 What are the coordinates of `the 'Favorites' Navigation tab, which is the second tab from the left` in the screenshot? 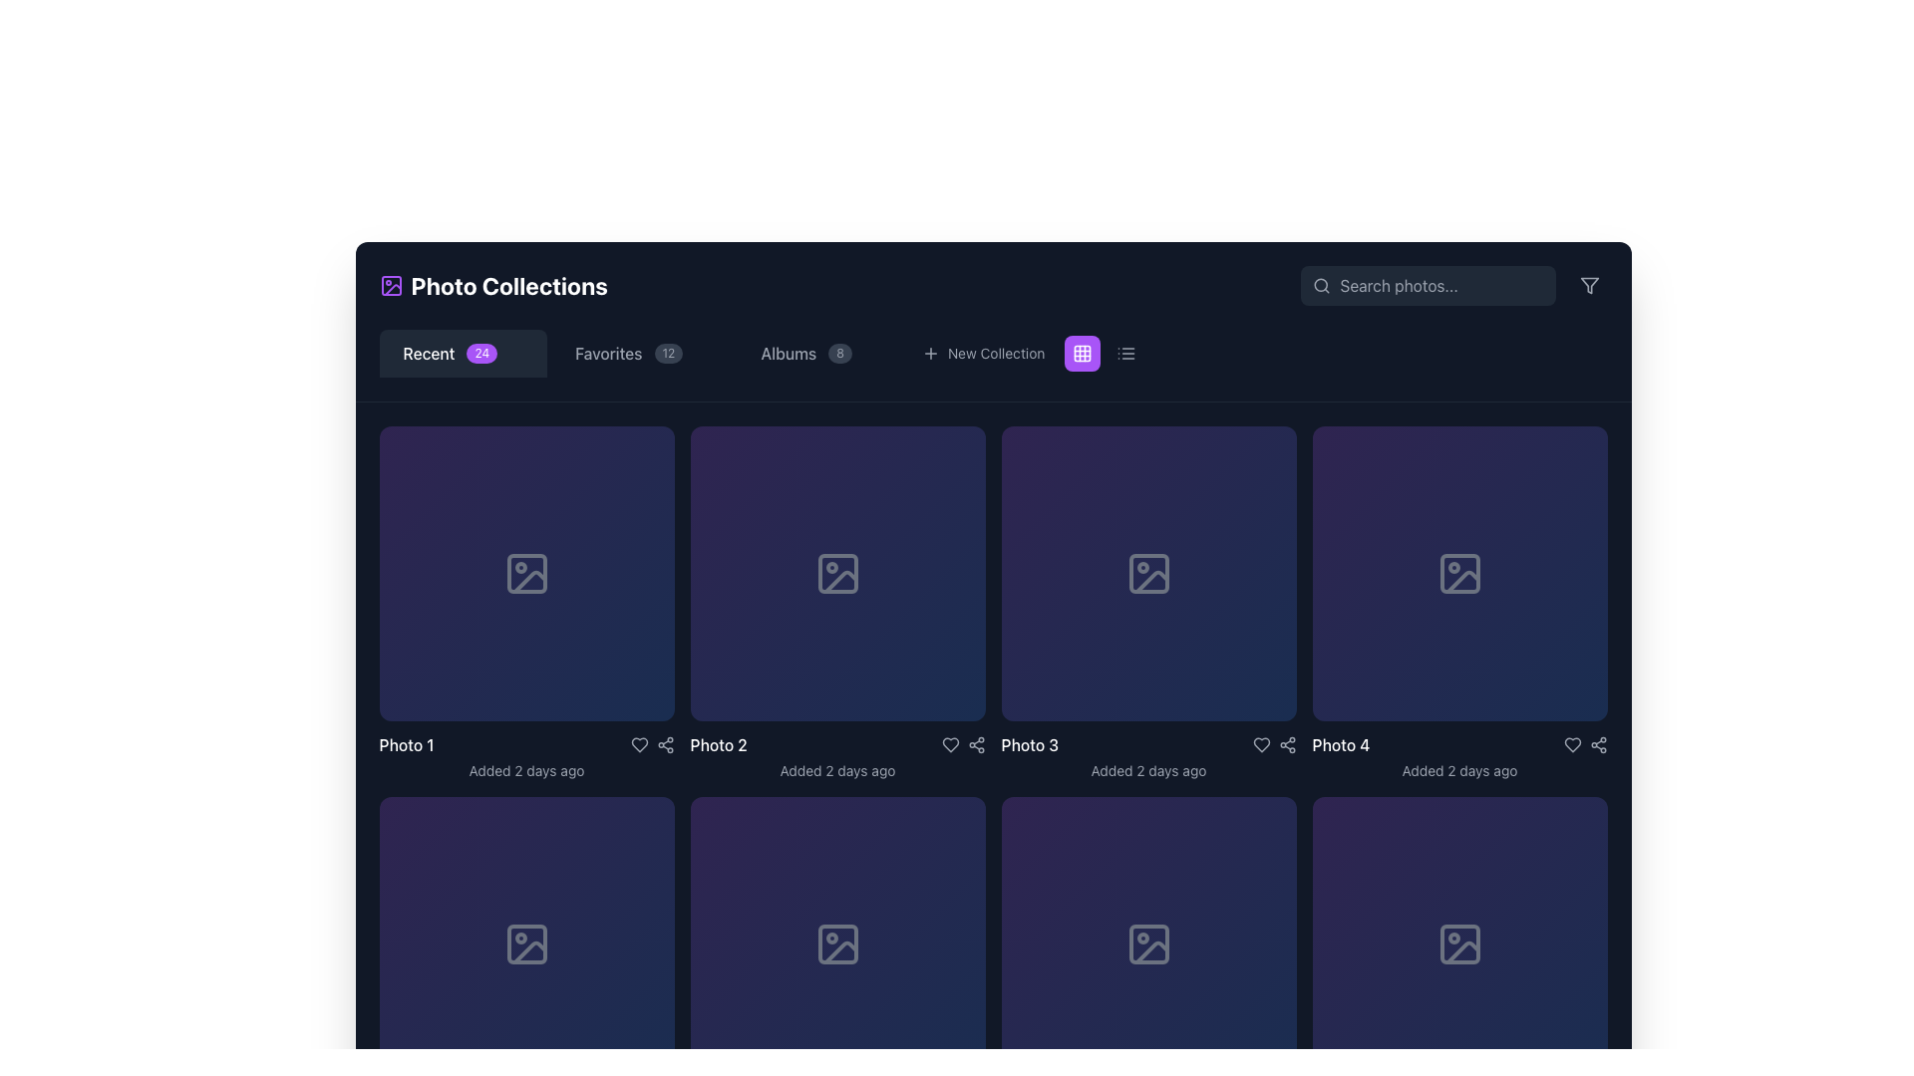 It's located at (641, 352).